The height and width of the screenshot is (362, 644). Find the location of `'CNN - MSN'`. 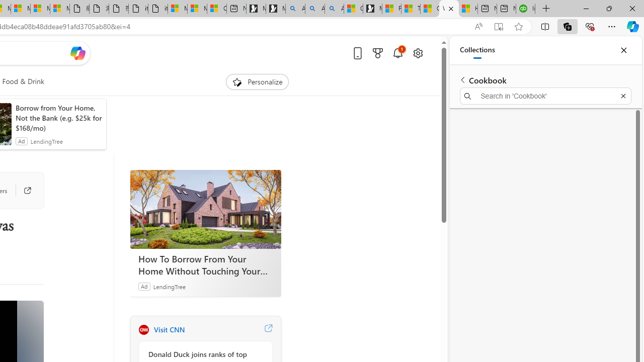

'CNN - MSN' is located at coordinates (430, 9).